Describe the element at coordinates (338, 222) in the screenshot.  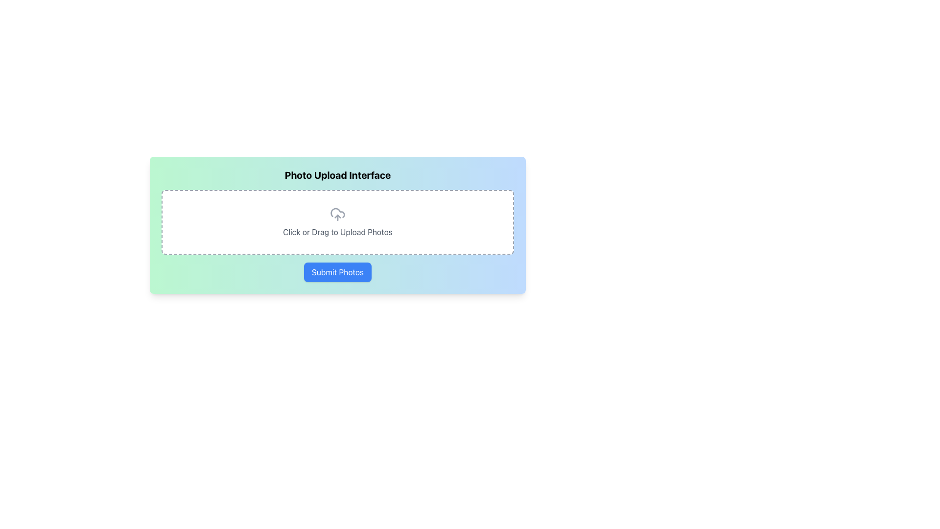
I see `the File upload drop area, which is a rectangular component with a white background, dashed gray borders, and a centered cloud icon with an upward arrow, along with the text 'Click or Drag to Upload Photos'` at that location.